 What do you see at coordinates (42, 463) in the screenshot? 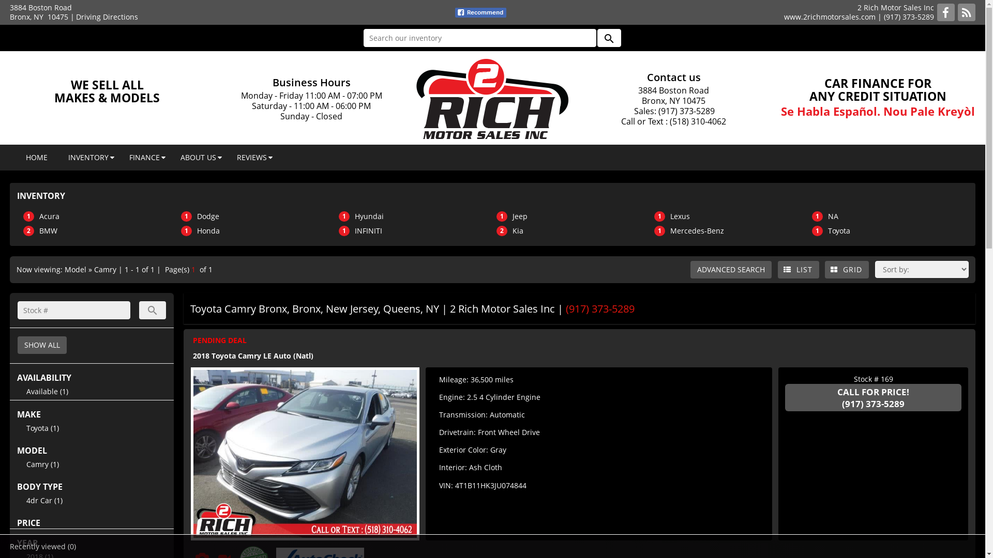
I see `'Camry (1)'` at bounding box center [42, 463].